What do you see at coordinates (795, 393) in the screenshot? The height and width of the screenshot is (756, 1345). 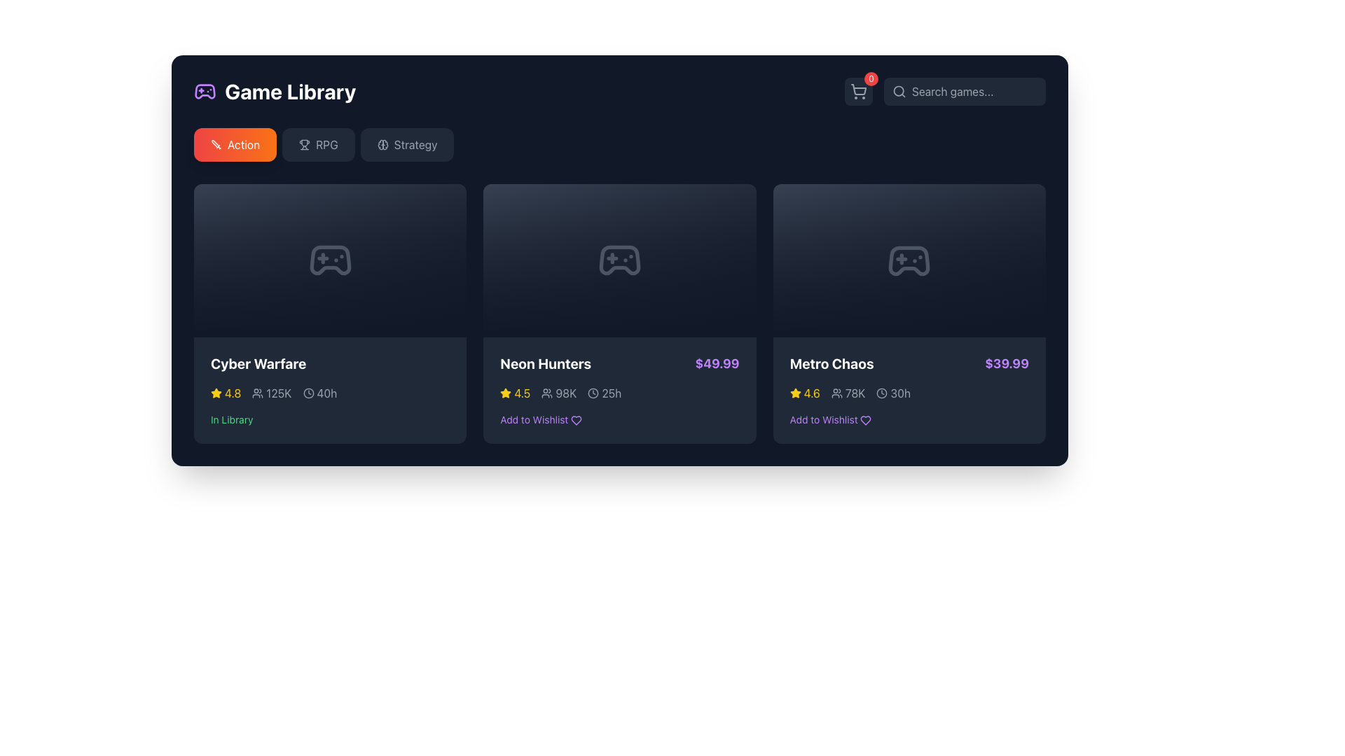 I see `the visual representation of the small, yellow, star-shaped icon located next to the numeric rating '4.6' in the details section of the 'Metro Chaos' game card` at bounding box center [795, 393].